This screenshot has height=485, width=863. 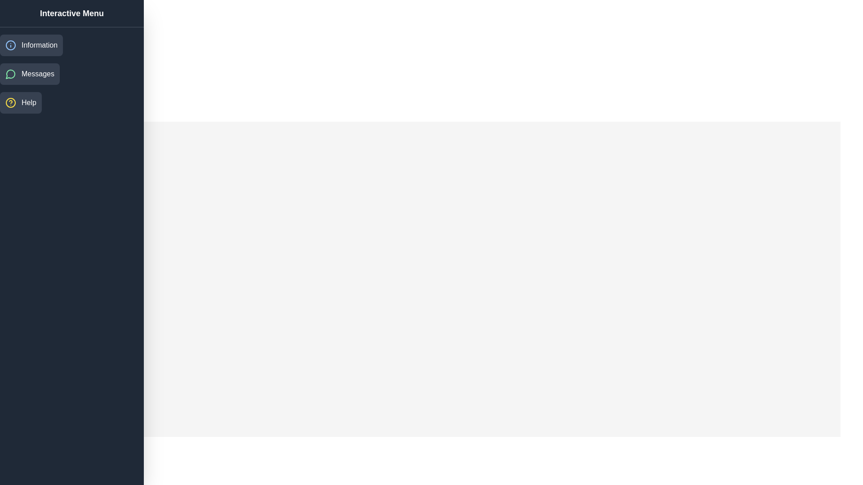 I want to click on text of the 'Information' label, which is displayed in white font on a dark background as part of a menu item on the left side of the interface, so click(x=39, y=45).